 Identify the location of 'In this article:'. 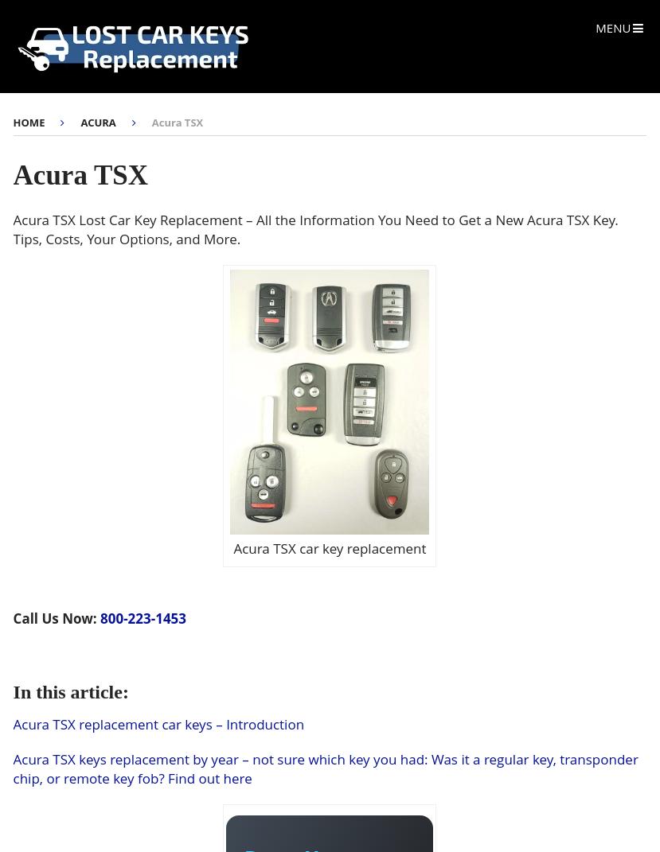
(12, 691).